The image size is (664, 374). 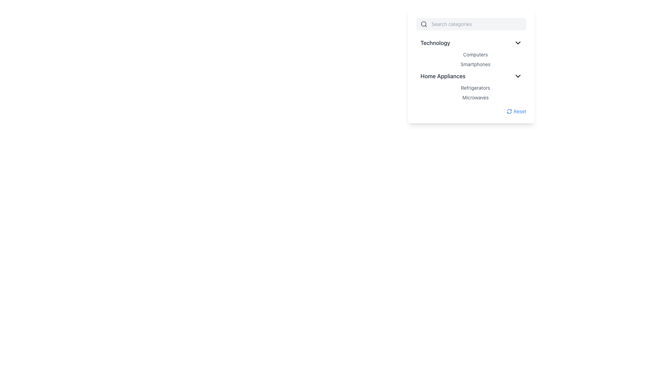 I want to click on the 'Refrigerators' option in the Text Option Group within the 'Home Appliances' dropdown menu, so click(x=475, y=92).